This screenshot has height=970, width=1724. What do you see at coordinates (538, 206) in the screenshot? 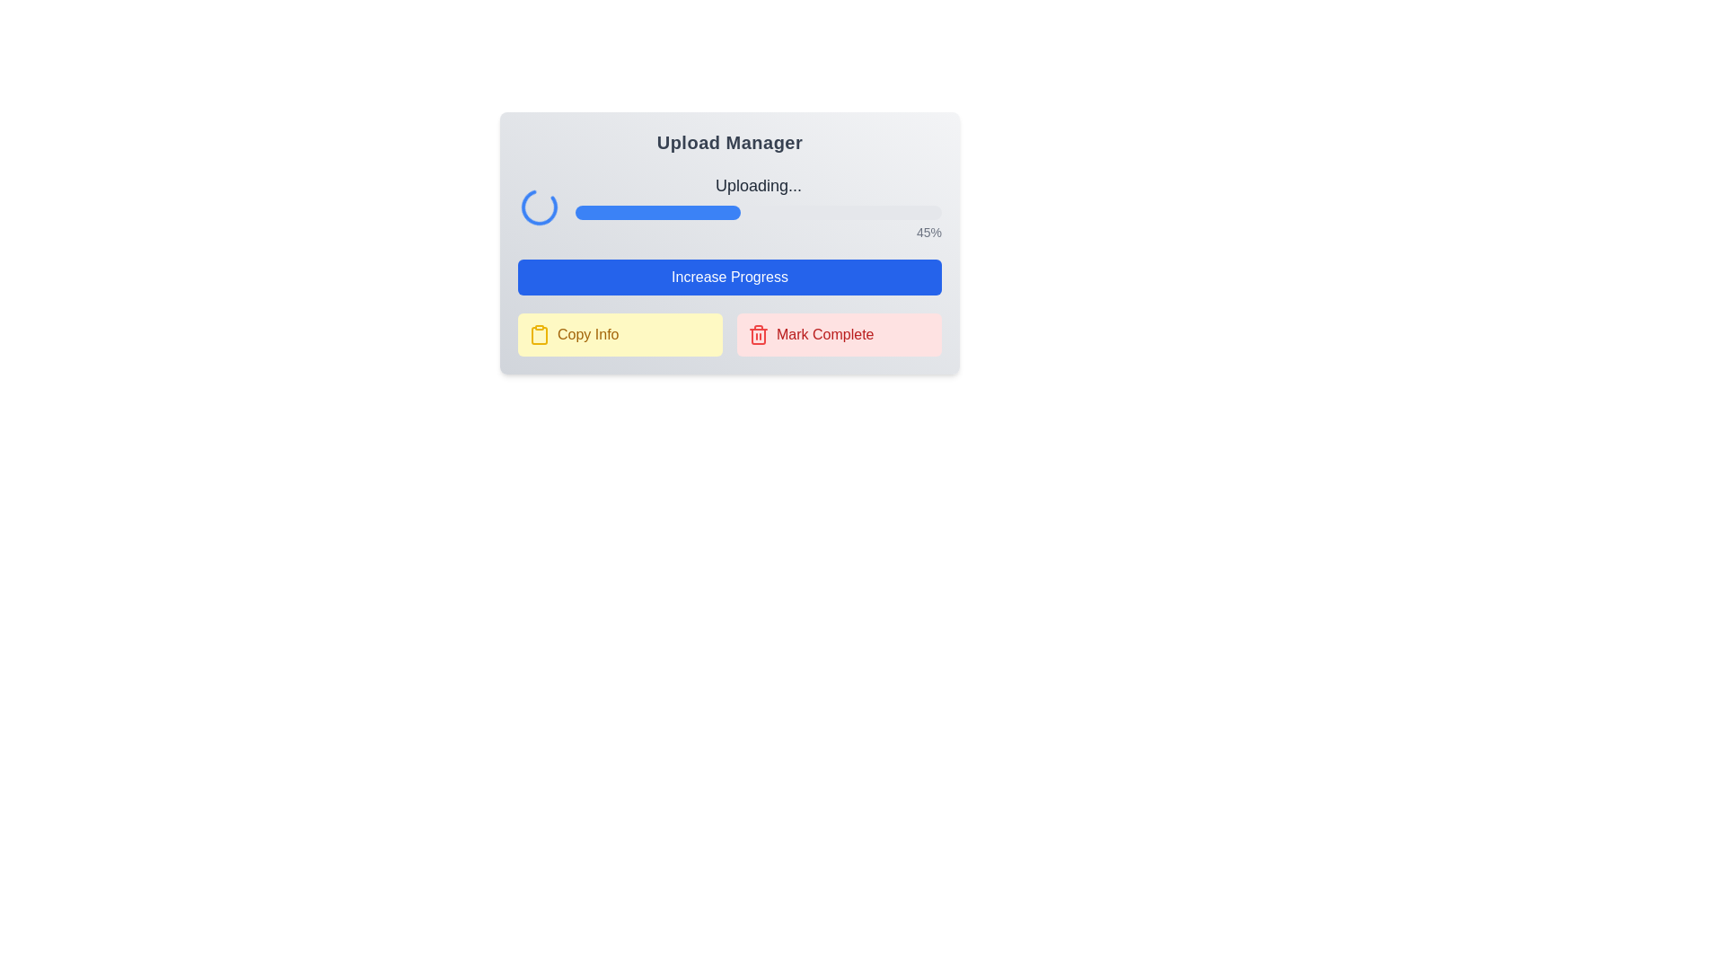
I see `the animation of the circular rotating loader icon, which is blue in color and located to the left of the 'Uploading...45%' progress text` at bounding box center [538, 206].